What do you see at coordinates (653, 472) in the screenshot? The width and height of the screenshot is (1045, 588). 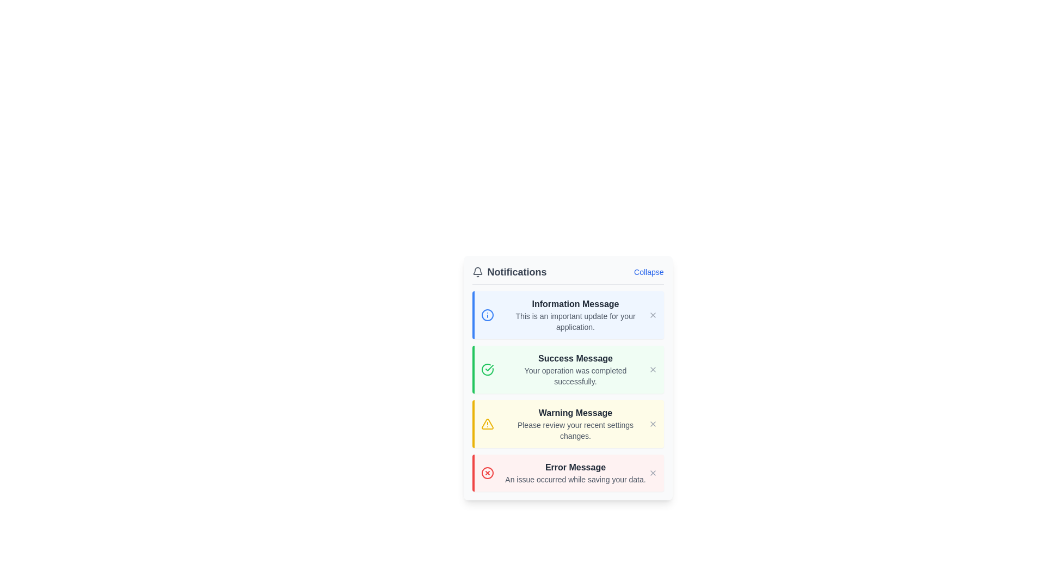 I see `the Close button icon, which is a small gray icon with a cross symbol located at the top-right corner of the error message notification in the notifications panel, to change its color` at bounding box center [653, 472].